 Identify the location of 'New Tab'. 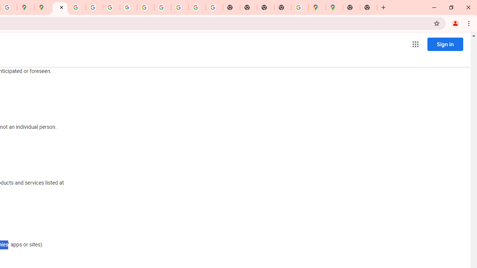
(369, 7).